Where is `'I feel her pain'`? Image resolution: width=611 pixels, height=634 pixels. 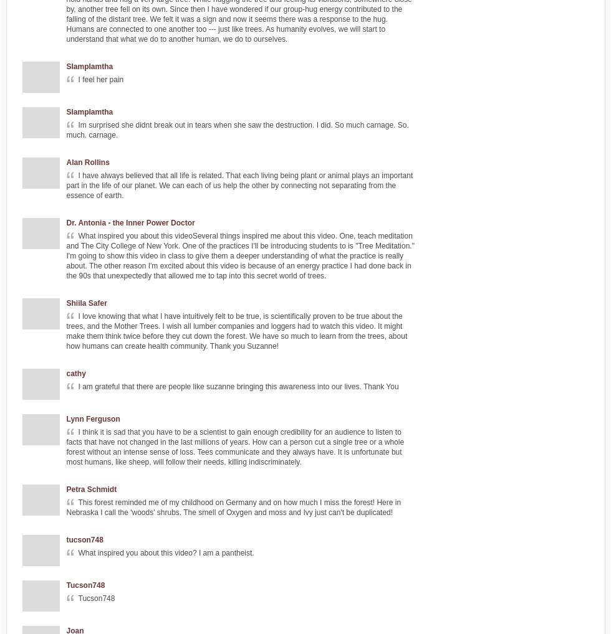 'I feel her pain' is located at coordinates (100, 78).